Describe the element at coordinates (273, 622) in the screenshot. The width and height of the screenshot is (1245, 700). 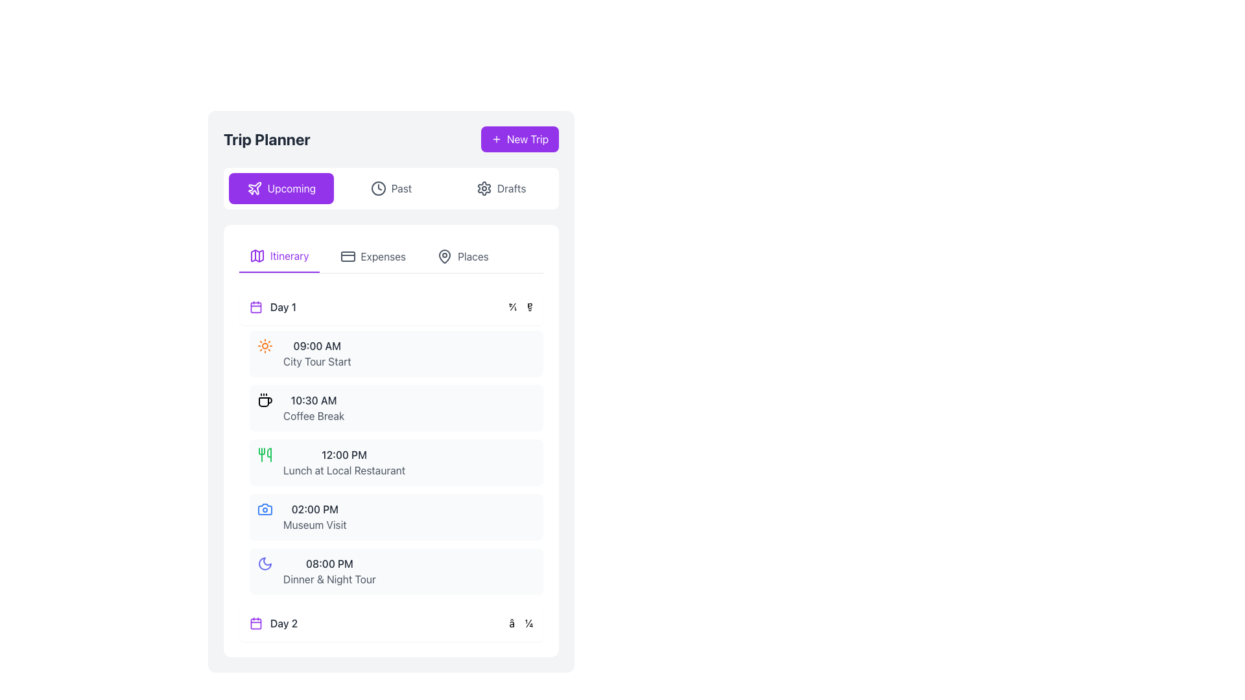
I see `the 'Day 2' label, which consists of dark gray text and a purple calendar icon, located under the 'Upcoming' tab in the 'Trip Planner' panel` at that location.